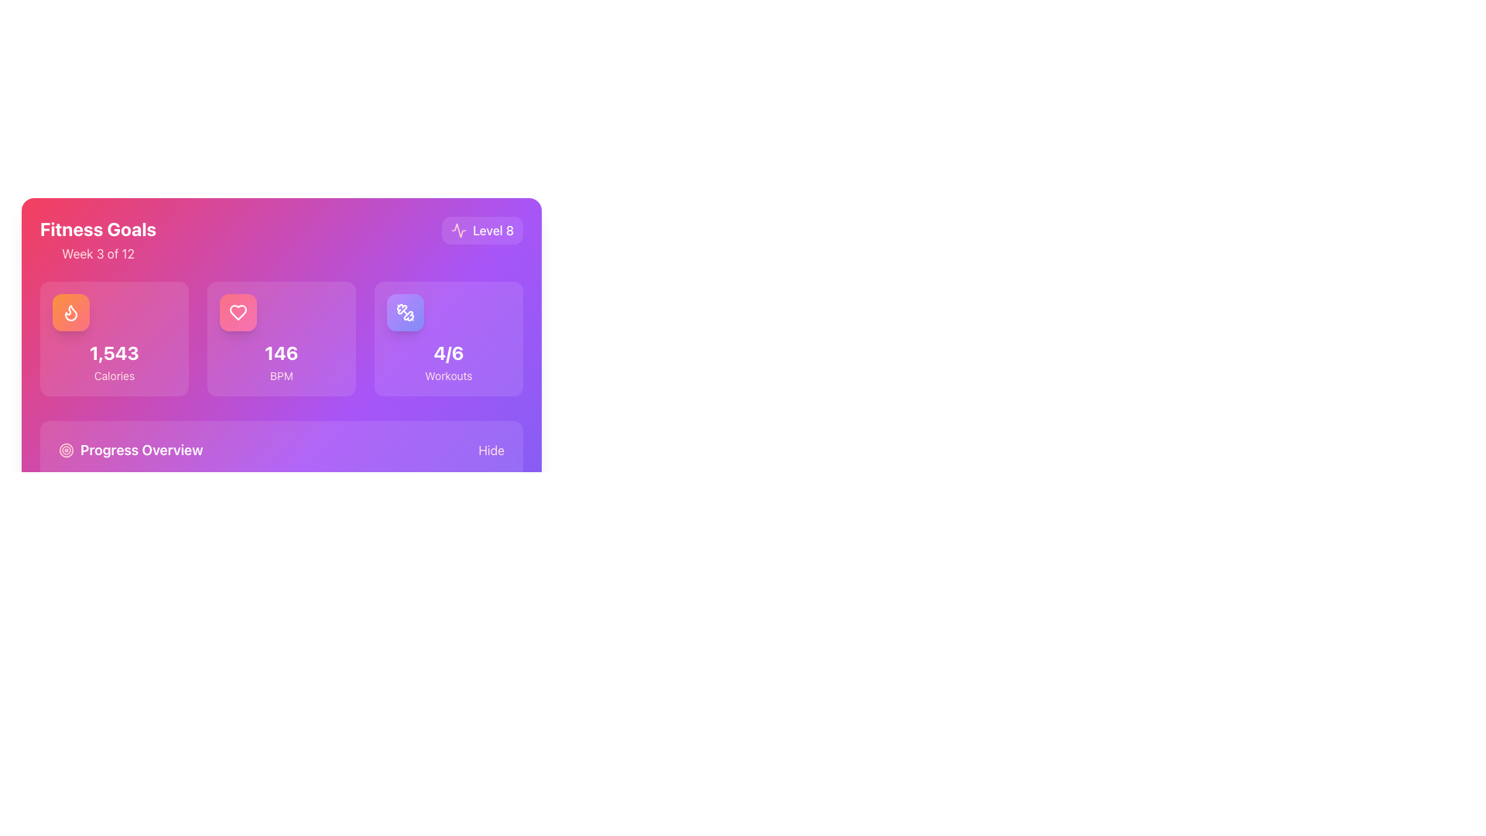 This screenshot has width=1486, height=836. What do you see at coordinates (448, 352) in the screenshot?
I see `the progress count text label located in the third box of a row of three overview boxes, situated below a dumbbell icon and above the word 'Workouts'` at bounding box center [448, 352].